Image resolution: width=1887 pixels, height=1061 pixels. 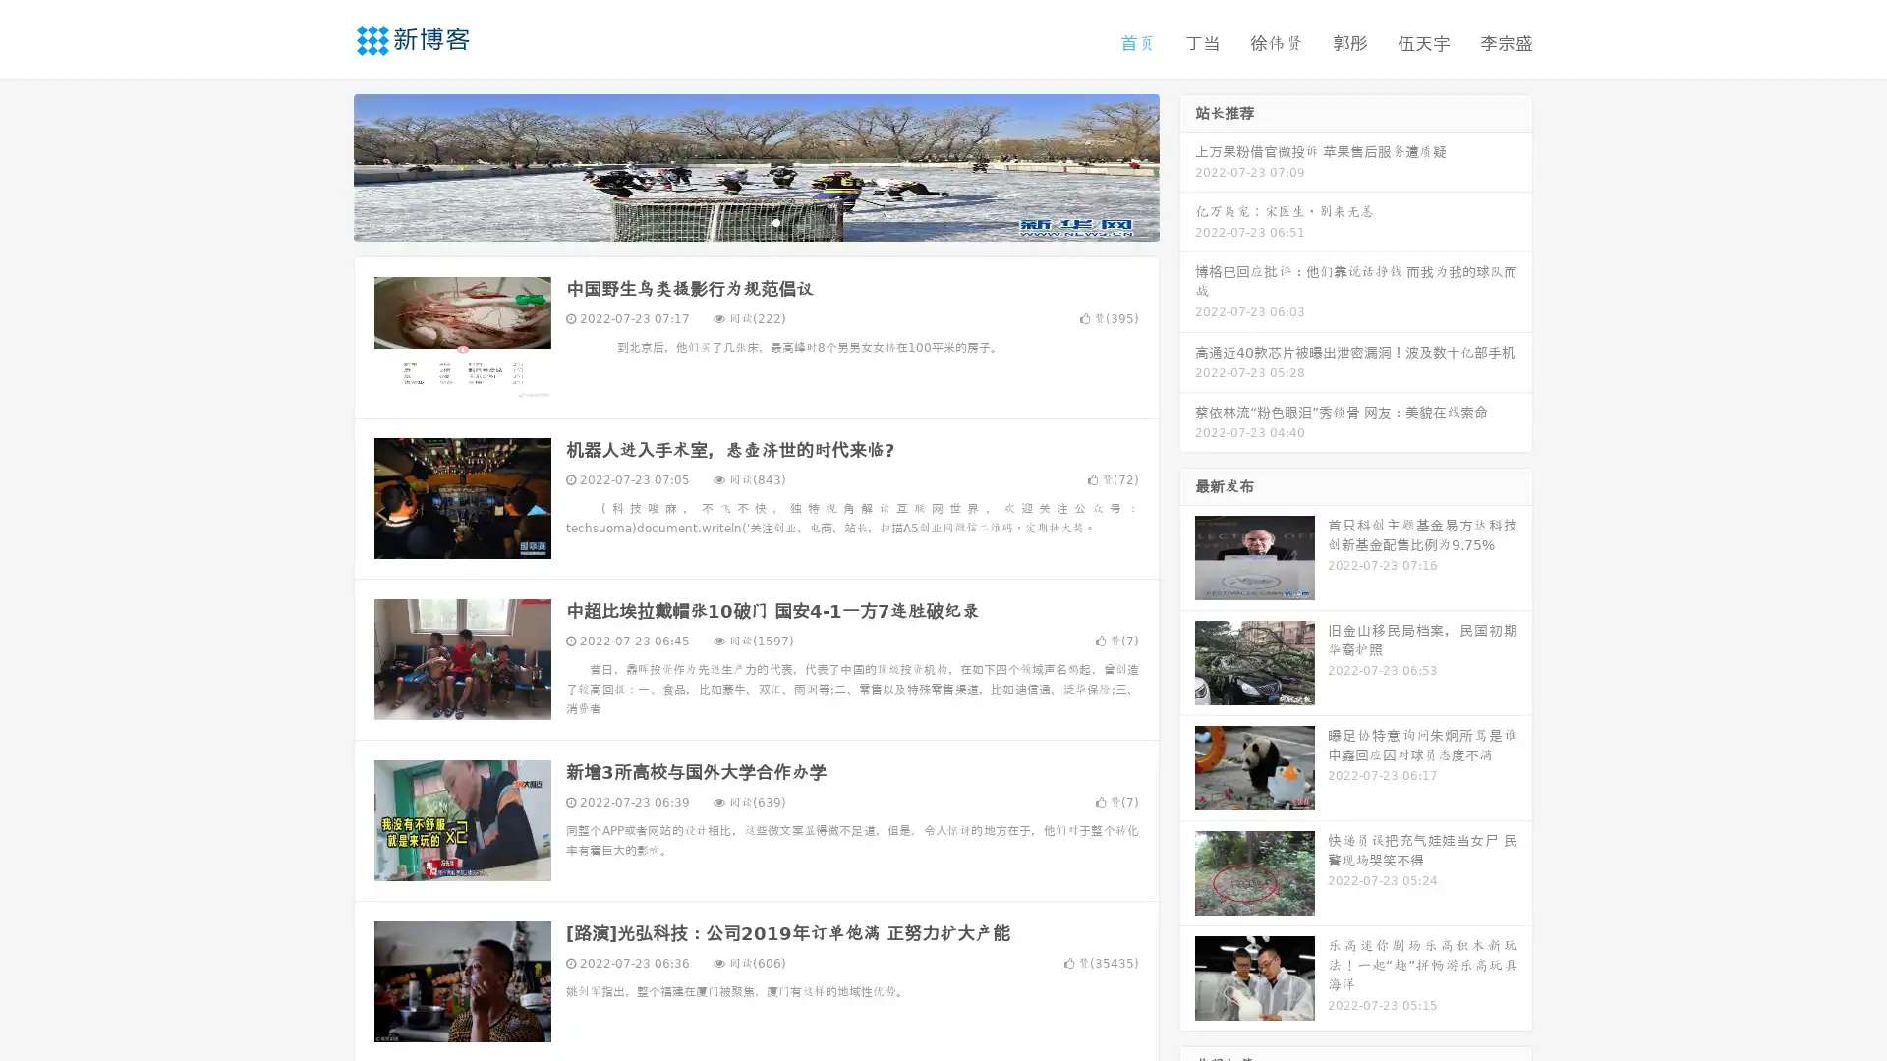 I want to click on Go to slide 3, so click(x=775, y=221).